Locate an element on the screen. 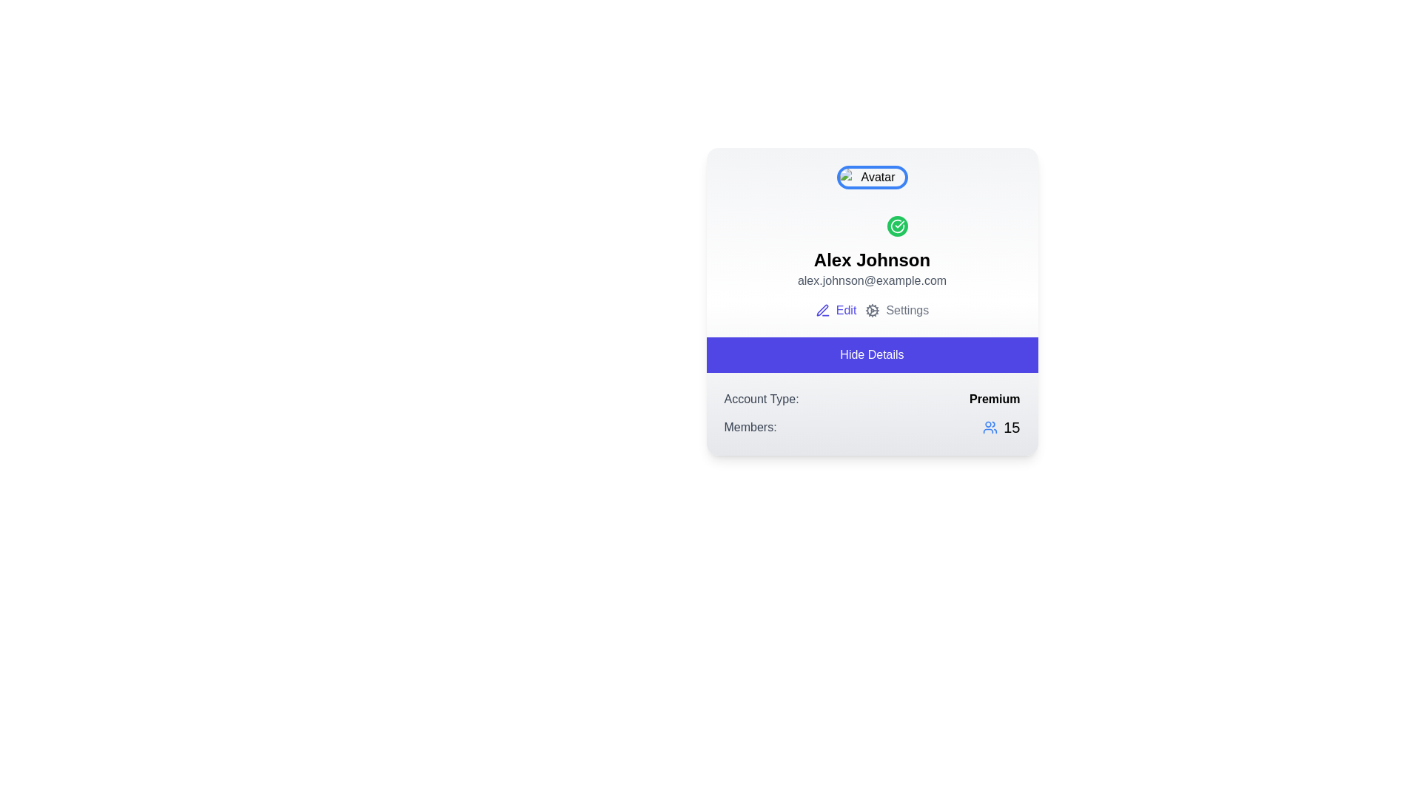  the circular avatar image with a blue border displaying a placeholder image labeled 'Avatar' at the top-center of the user profile card is located at coordinates (872, 176).